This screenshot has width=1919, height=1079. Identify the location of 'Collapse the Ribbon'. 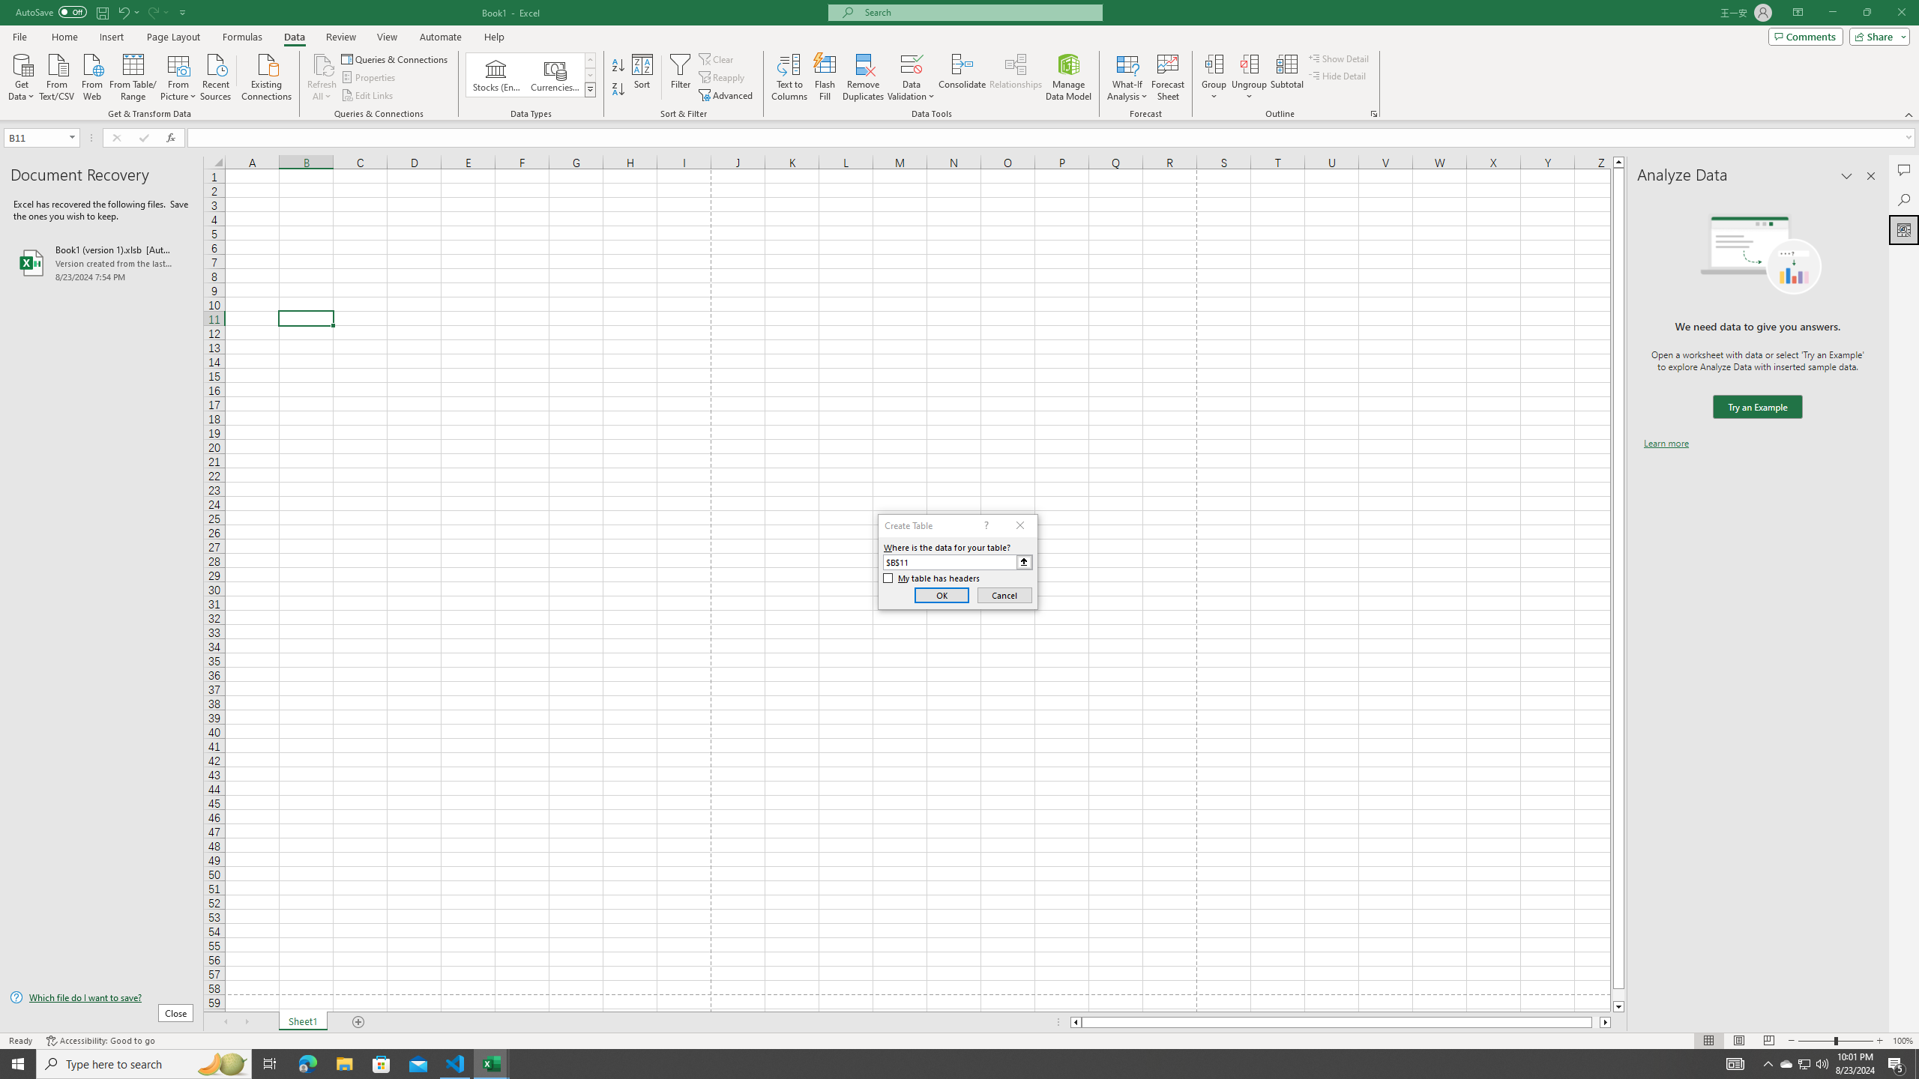
(1909, 115).